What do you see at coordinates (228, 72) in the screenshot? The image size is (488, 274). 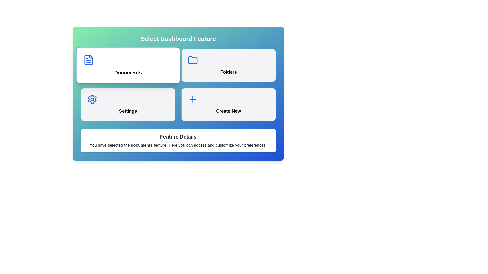 I see `the bold, black-colored text 'Folders' located below the blue folder icon in the upper right section of the main selectable grid` at bounding box center [228, 72].